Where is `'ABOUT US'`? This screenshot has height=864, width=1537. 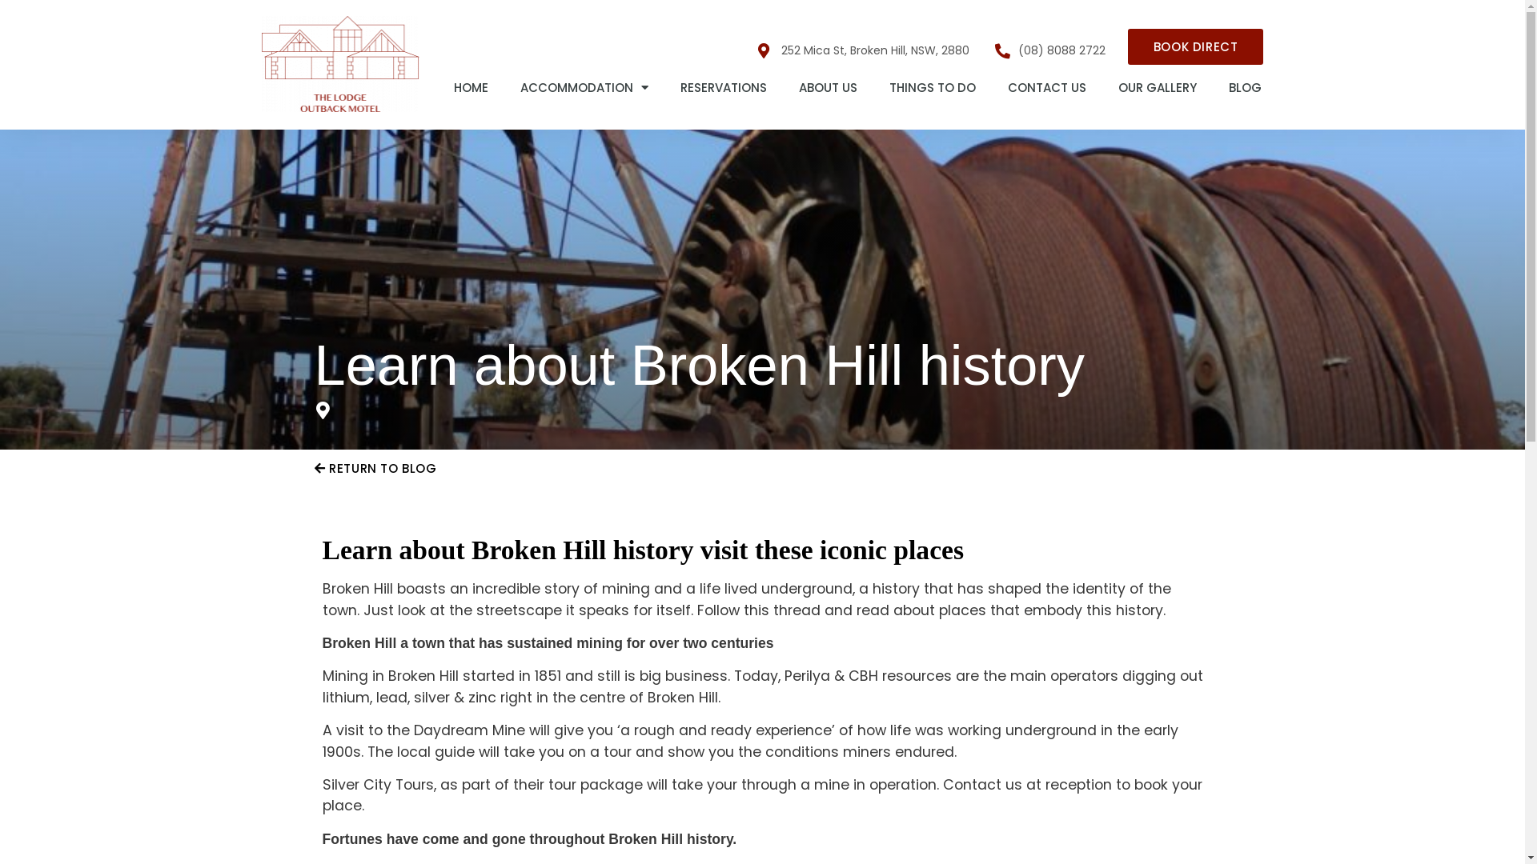 'ABOUT US' is located at coordinates (828, 88).